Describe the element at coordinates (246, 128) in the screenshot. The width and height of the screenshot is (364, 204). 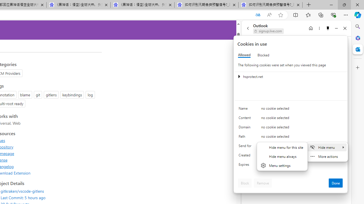
I see `'Domain'` at that location.